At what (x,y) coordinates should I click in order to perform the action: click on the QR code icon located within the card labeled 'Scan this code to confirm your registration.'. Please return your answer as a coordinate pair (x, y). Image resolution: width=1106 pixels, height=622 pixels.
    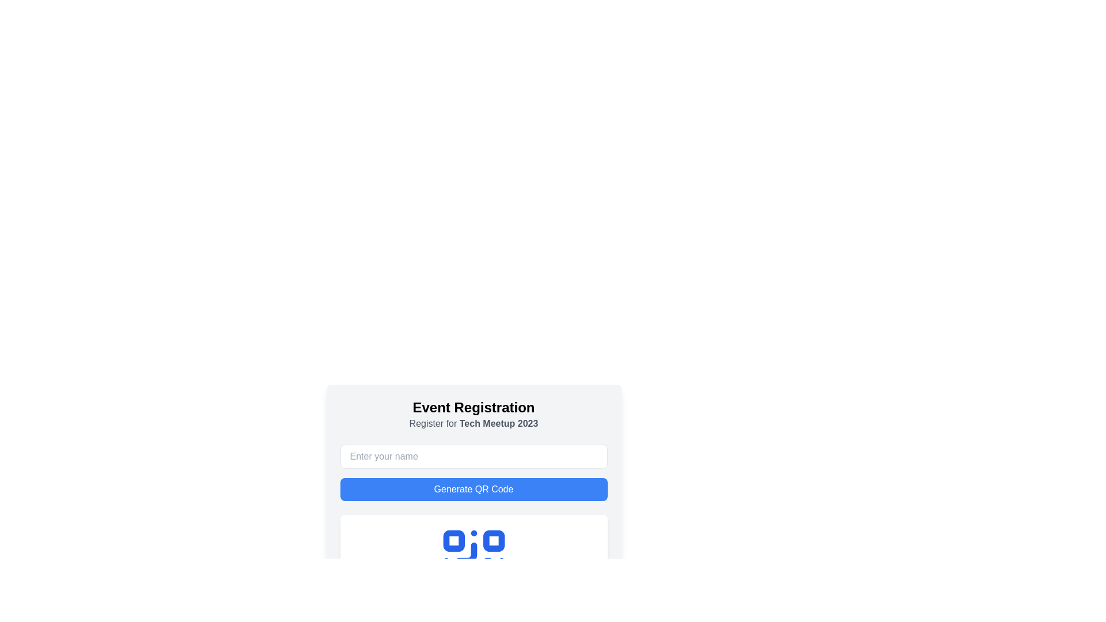
    Looking at the image, I should click on (474, 560).